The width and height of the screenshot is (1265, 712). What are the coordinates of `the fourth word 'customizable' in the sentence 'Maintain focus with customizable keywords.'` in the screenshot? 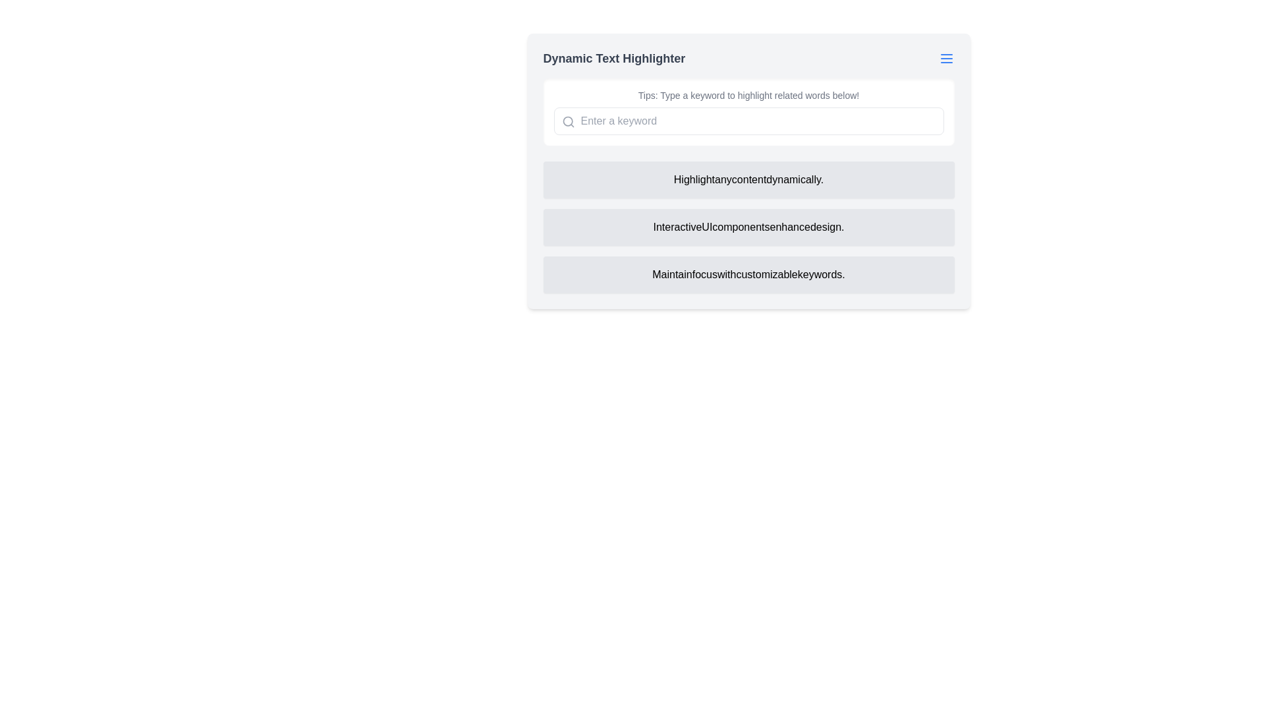 It's located at (767, 274).